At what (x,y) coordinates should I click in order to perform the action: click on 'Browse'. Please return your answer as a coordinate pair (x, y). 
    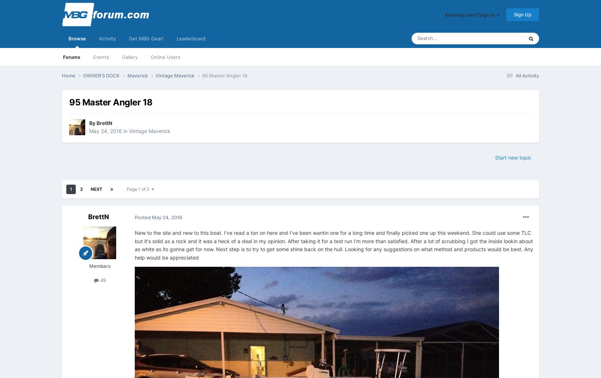
    Looking at the image, I should click on (77, 38).